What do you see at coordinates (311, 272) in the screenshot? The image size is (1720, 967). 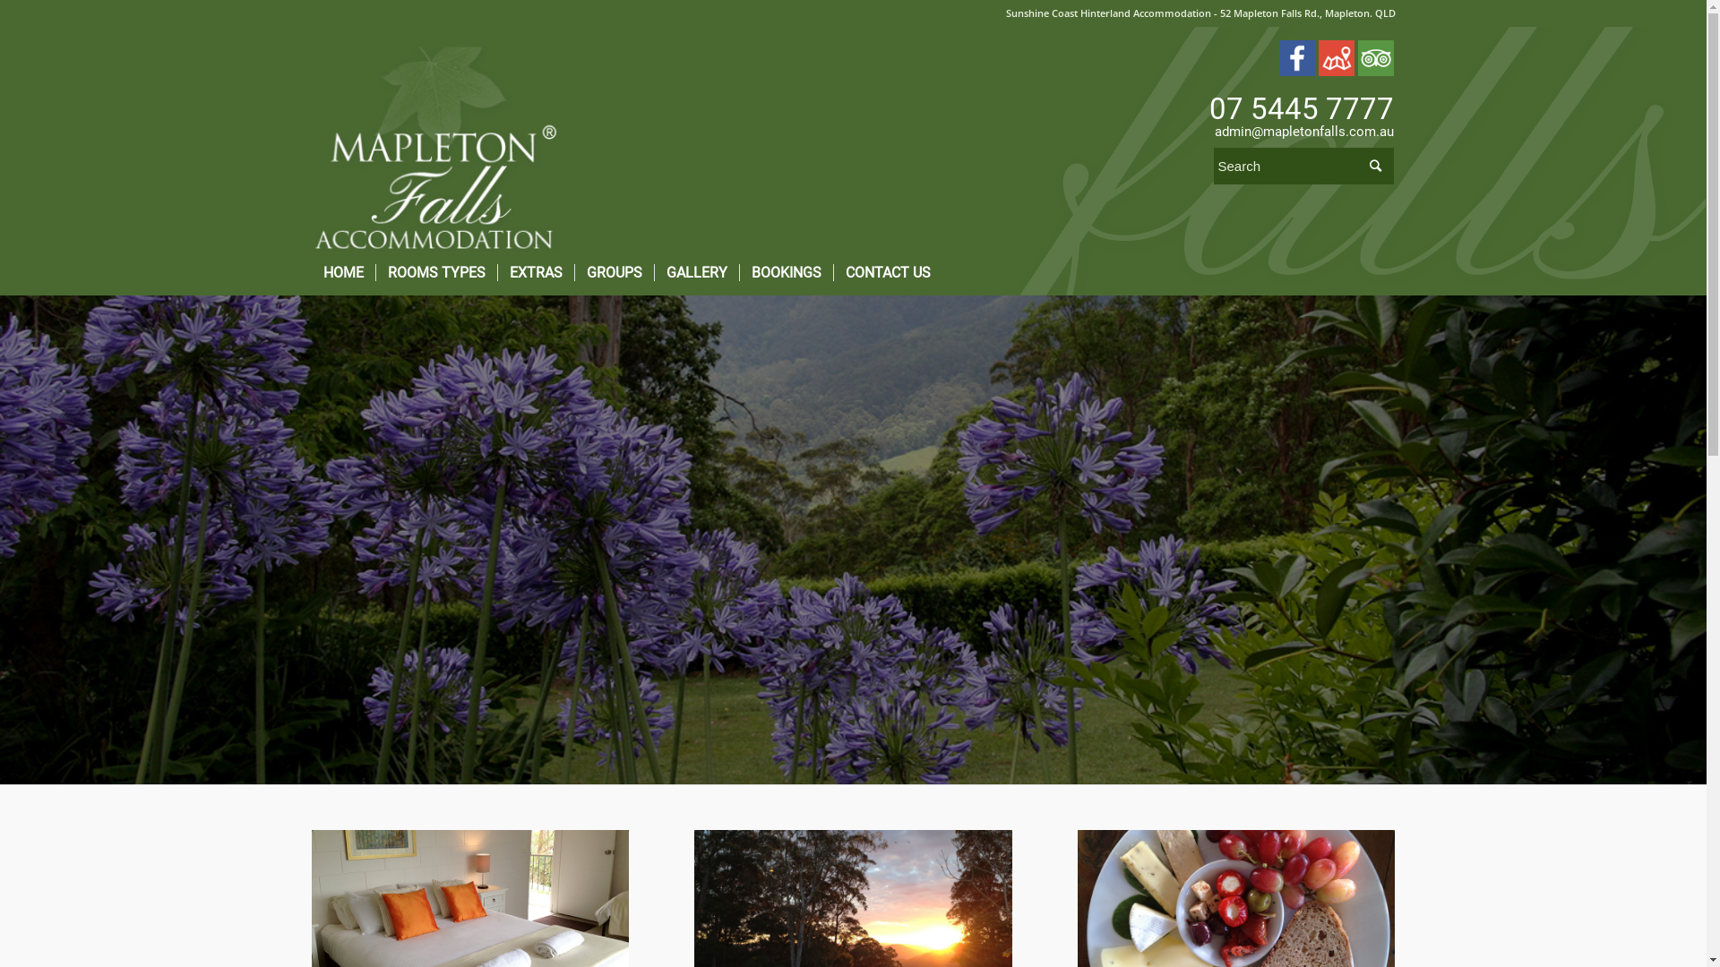 I see `'HOME'` at bounding box center [311, 272].